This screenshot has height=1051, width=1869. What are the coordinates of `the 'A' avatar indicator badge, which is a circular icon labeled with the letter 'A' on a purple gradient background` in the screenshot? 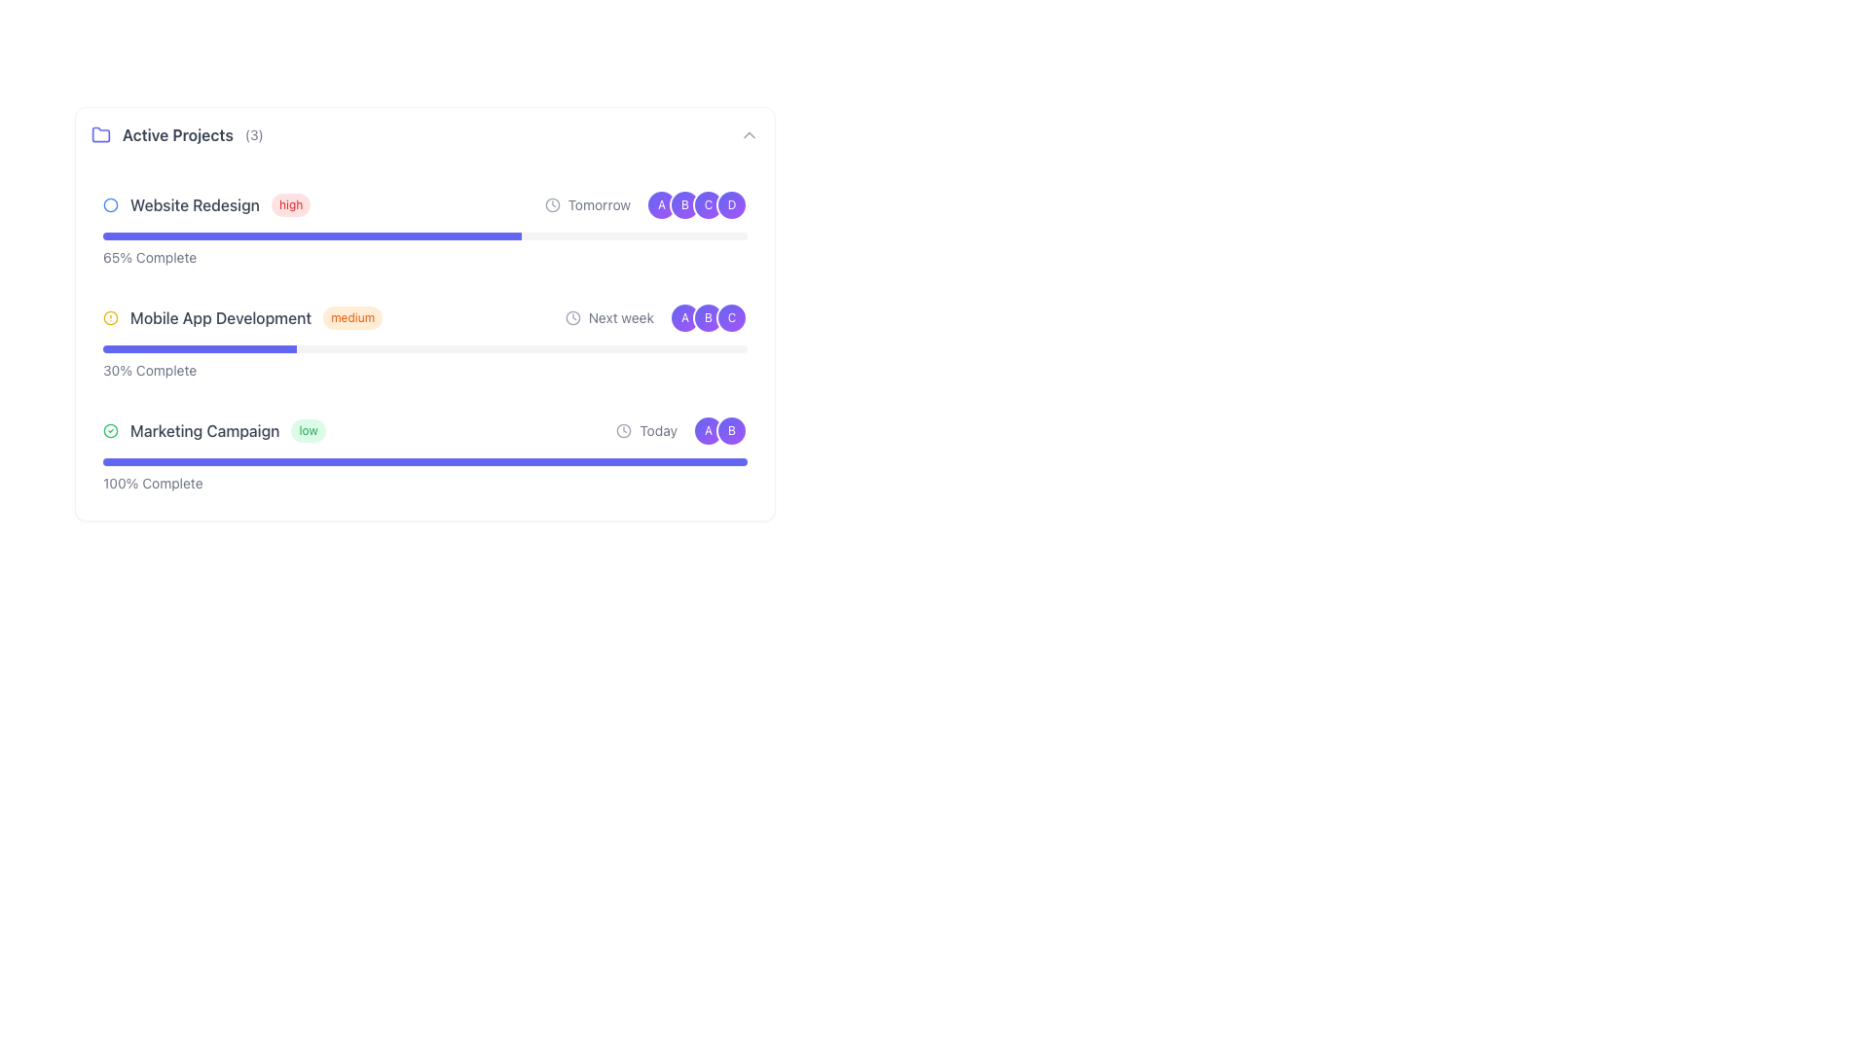 It's located at (708, 317).